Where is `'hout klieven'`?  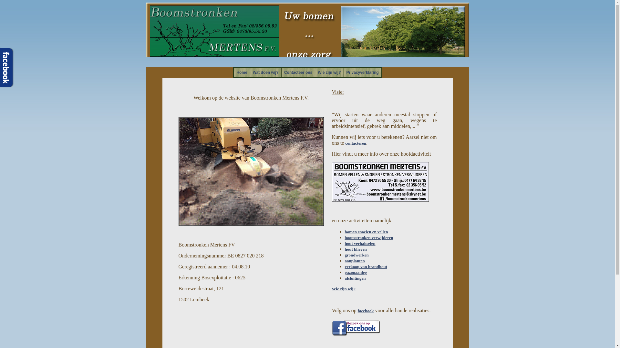
'hout klieven' is located at coordinates (356, 249).